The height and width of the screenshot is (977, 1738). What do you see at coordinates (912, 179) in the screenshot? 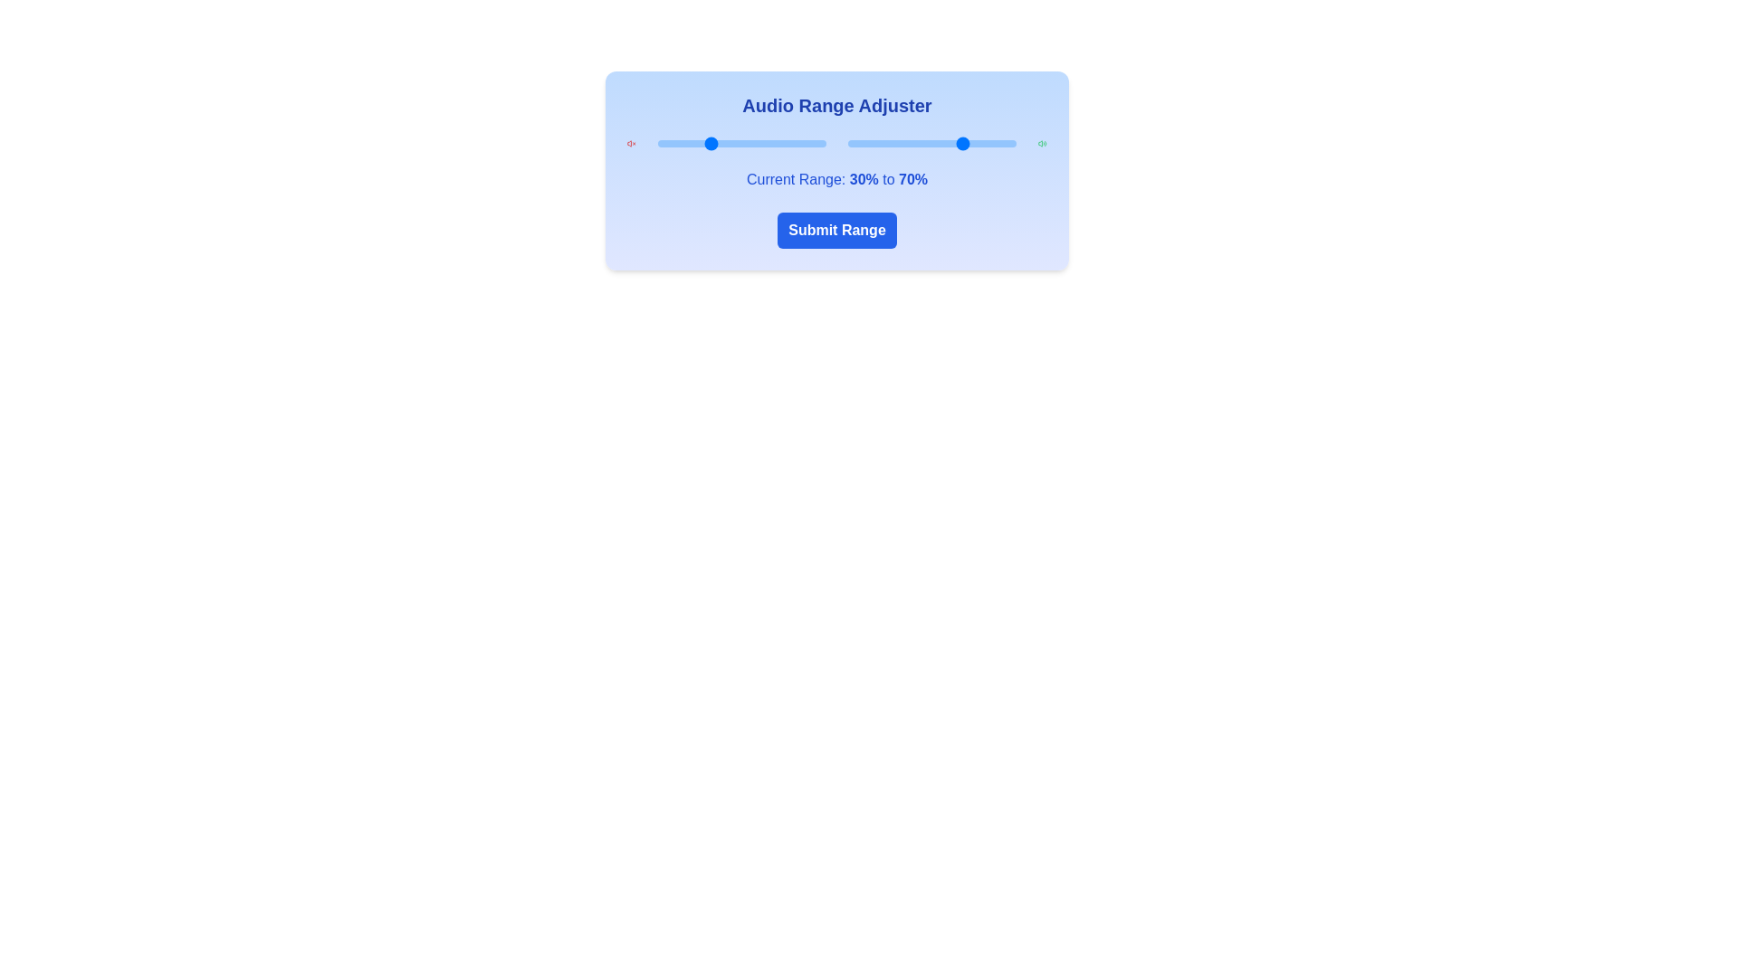
I see `the static text indicating the upper limit of the selected range on the slider, located to the right of the '30%' text beneath the sliders` at bounding box center [912, 179].